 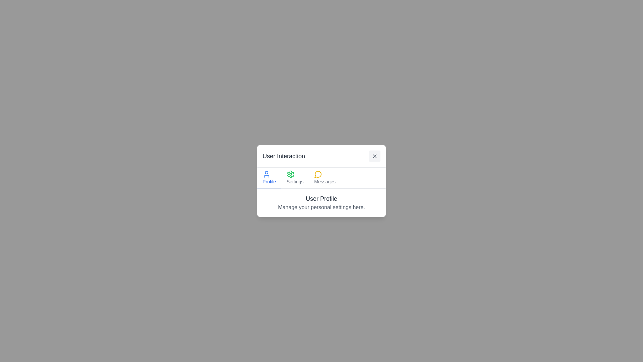 I want to click on the third navigation link in the horizontal navigation bar, which is located below the 'User Interaction' title and above the 'User Profile' description, so click(x=325, y=178).